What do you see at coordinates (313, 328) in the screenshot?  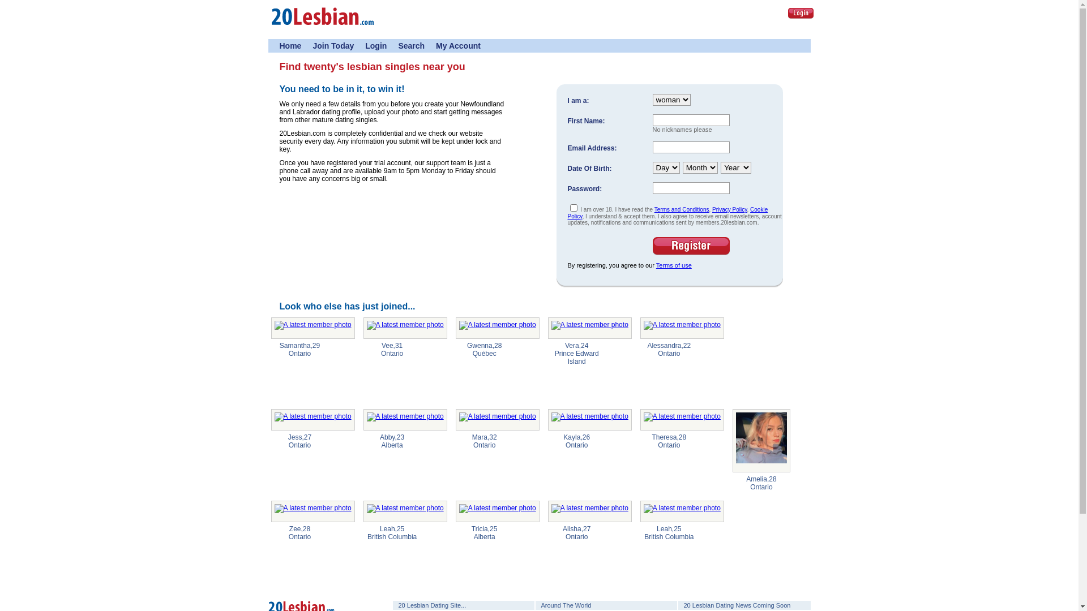 I see `'Samantha, 29 from Hamilton, Ontario'` at bounding box center [313, 328].